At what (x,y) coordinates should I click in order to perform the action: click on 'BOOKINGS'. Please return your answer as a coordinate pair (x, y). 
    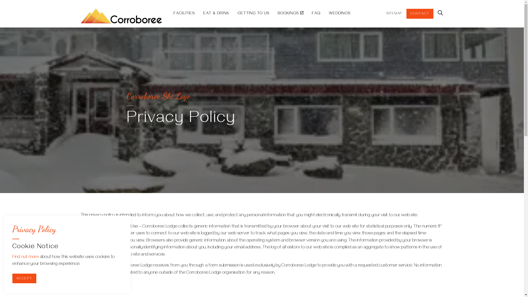
    Looking at the image, I should click on (290, 13).